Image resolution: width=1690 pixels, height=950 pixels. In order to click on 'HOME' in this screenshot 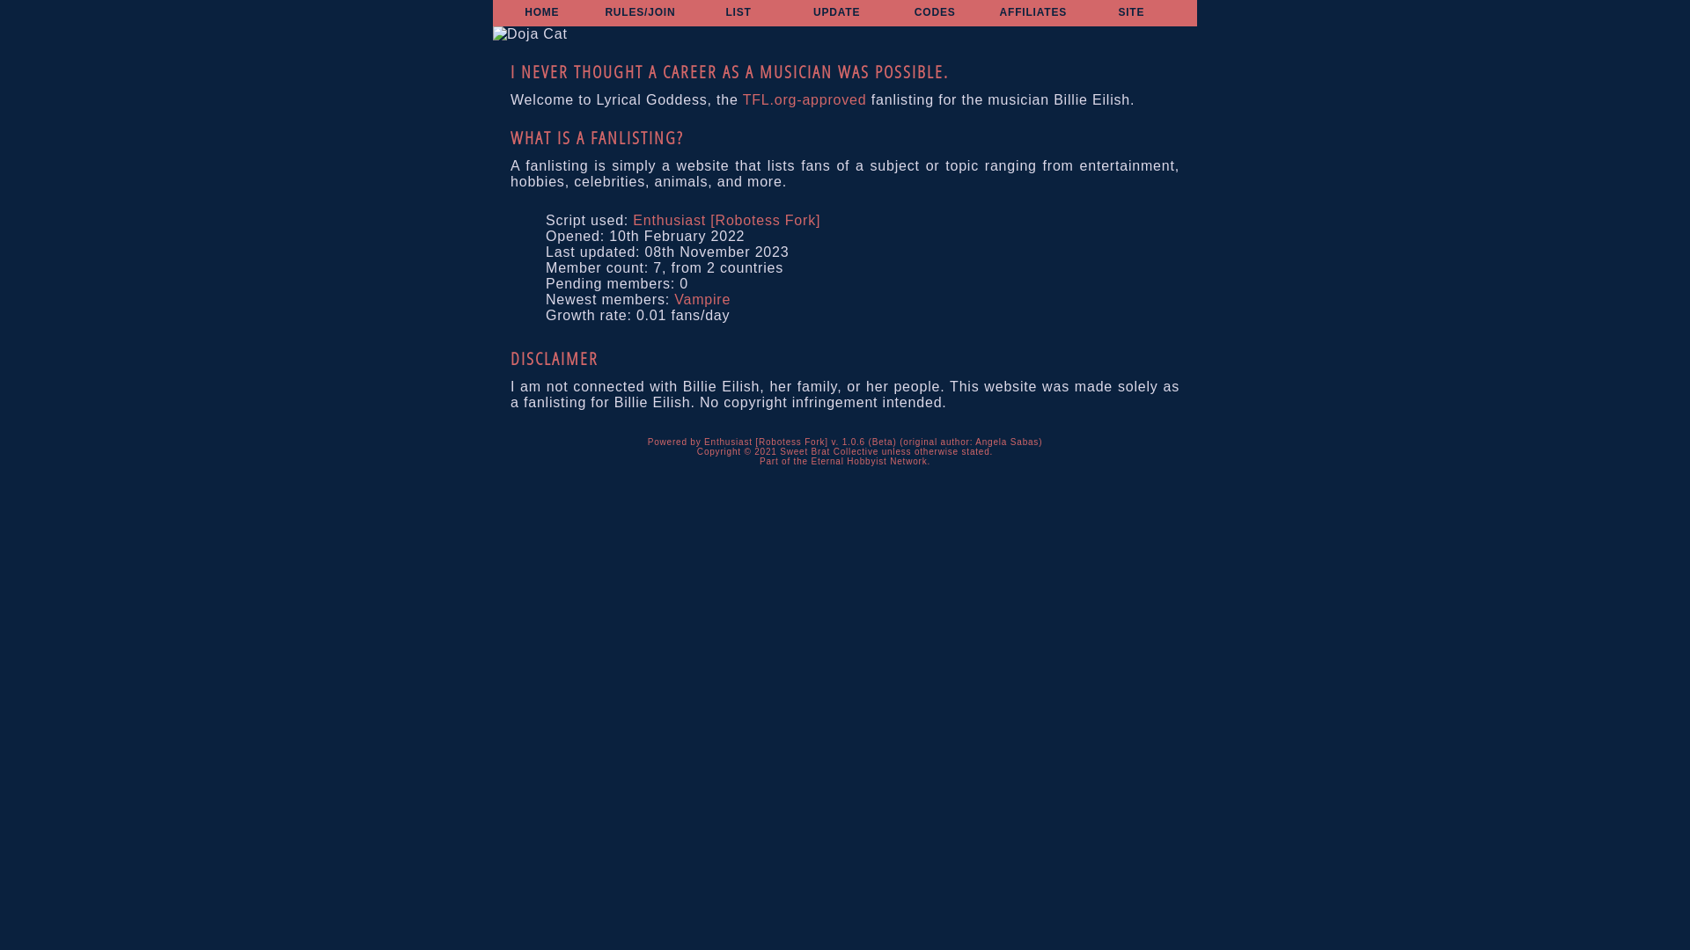, I will do `click(540, 12)`.